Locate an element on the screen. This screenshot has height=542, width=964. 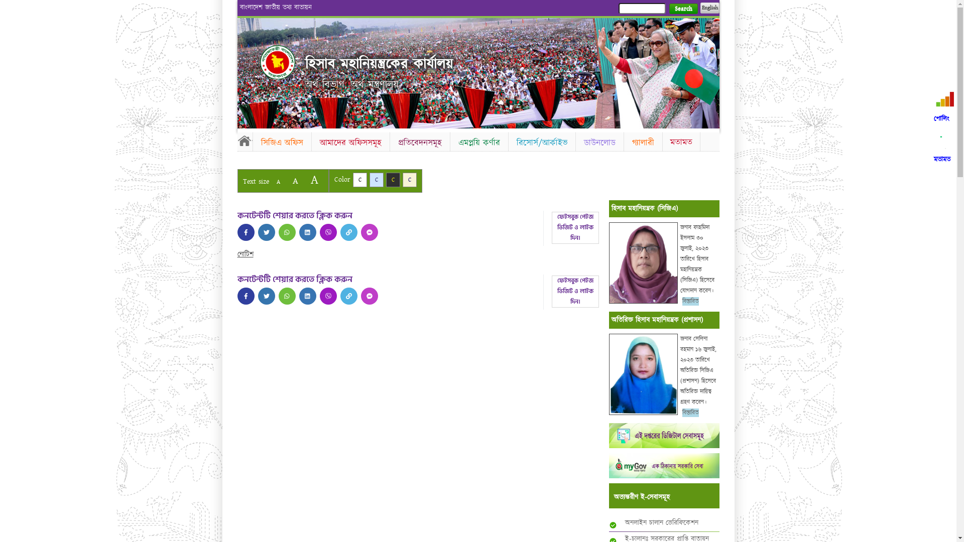
'Home' is located at coordinates (244, 141).